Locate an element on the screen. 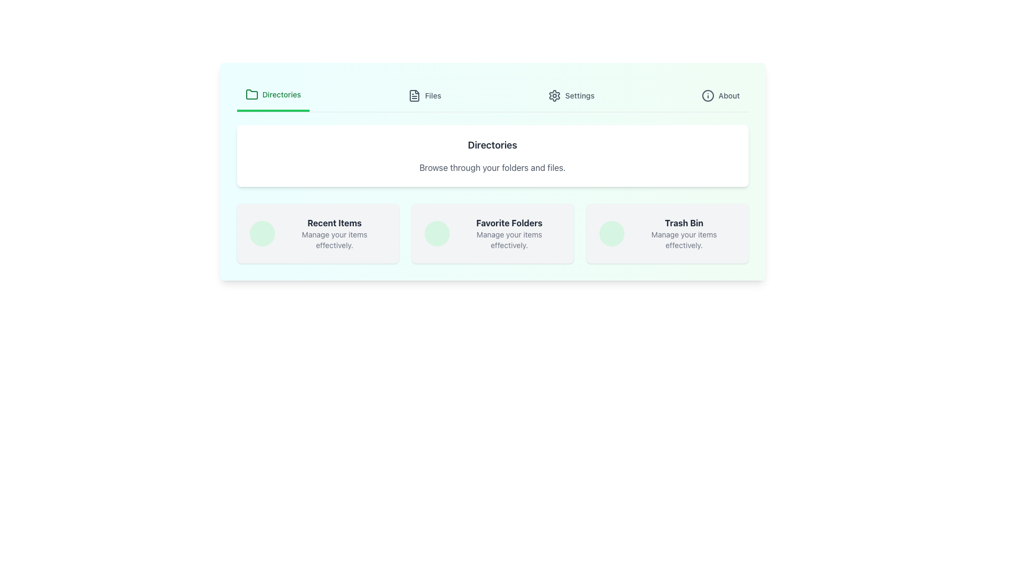 Image resolution: width=1023 pixels, height=575 pixels. the folder icon representing the 'Directories' tab located at the top-left corner of the page, adjacent to 'Files' and 'Settings' is located at coordinates (251, 94).